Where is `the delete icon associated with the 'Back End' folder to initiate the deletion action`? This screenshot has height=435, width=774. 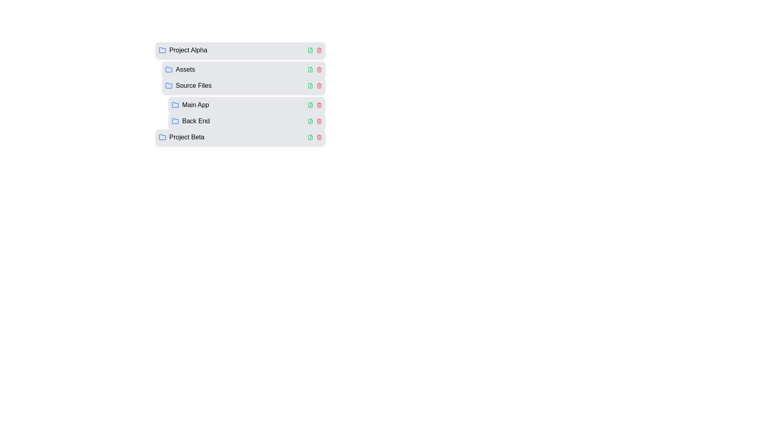
the delete icon associated with the 'Back End' folder to initiate the deletion action is located at coordinates (319, 121).